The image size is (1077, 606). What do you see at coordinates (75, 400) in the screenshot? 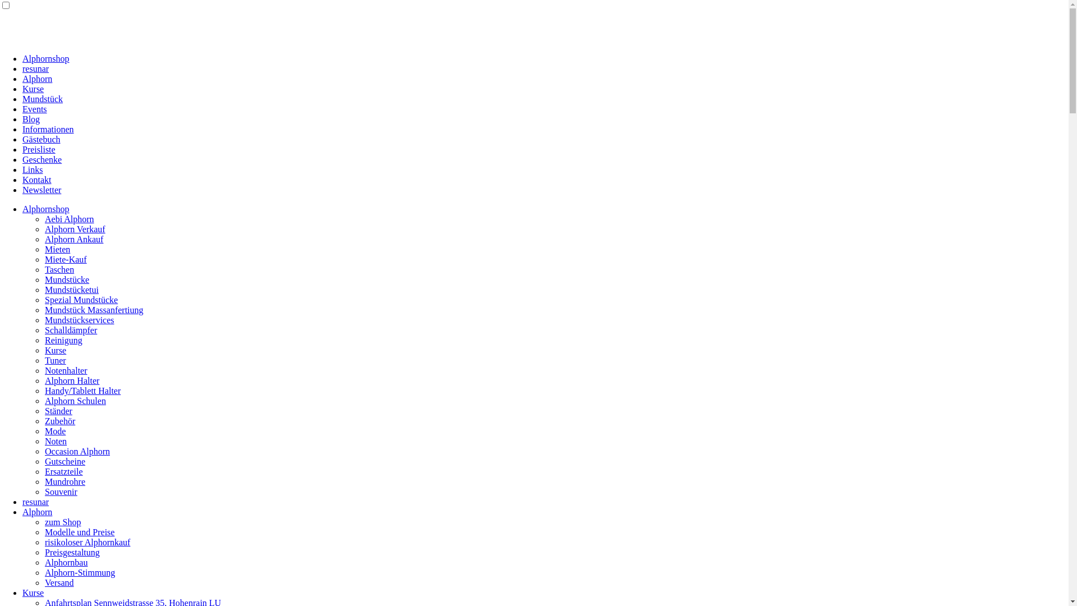
I see `'Alphorn Schulen'` at bounding box center [75, 400].